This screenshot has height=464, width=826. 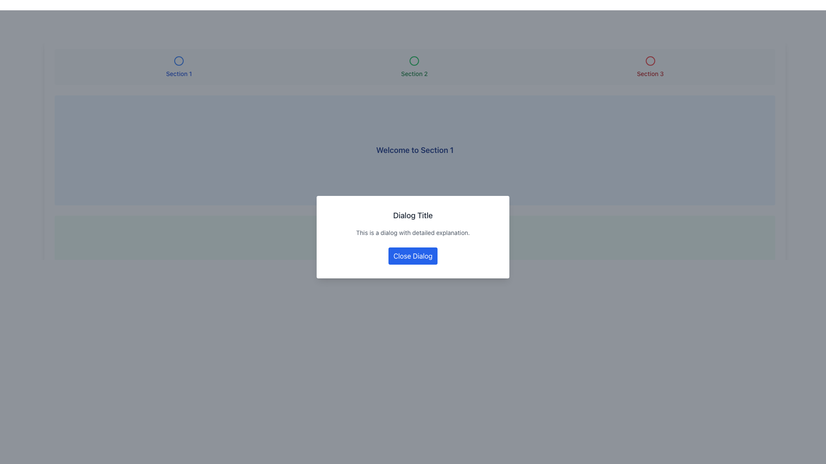 What do you see at coordinates (413, 256) in the screenshot?
I see `the 'Close Dialog' button, which has white text on a blue background and is located at the bottom of the dialog box` at bounding box center [413, 256].